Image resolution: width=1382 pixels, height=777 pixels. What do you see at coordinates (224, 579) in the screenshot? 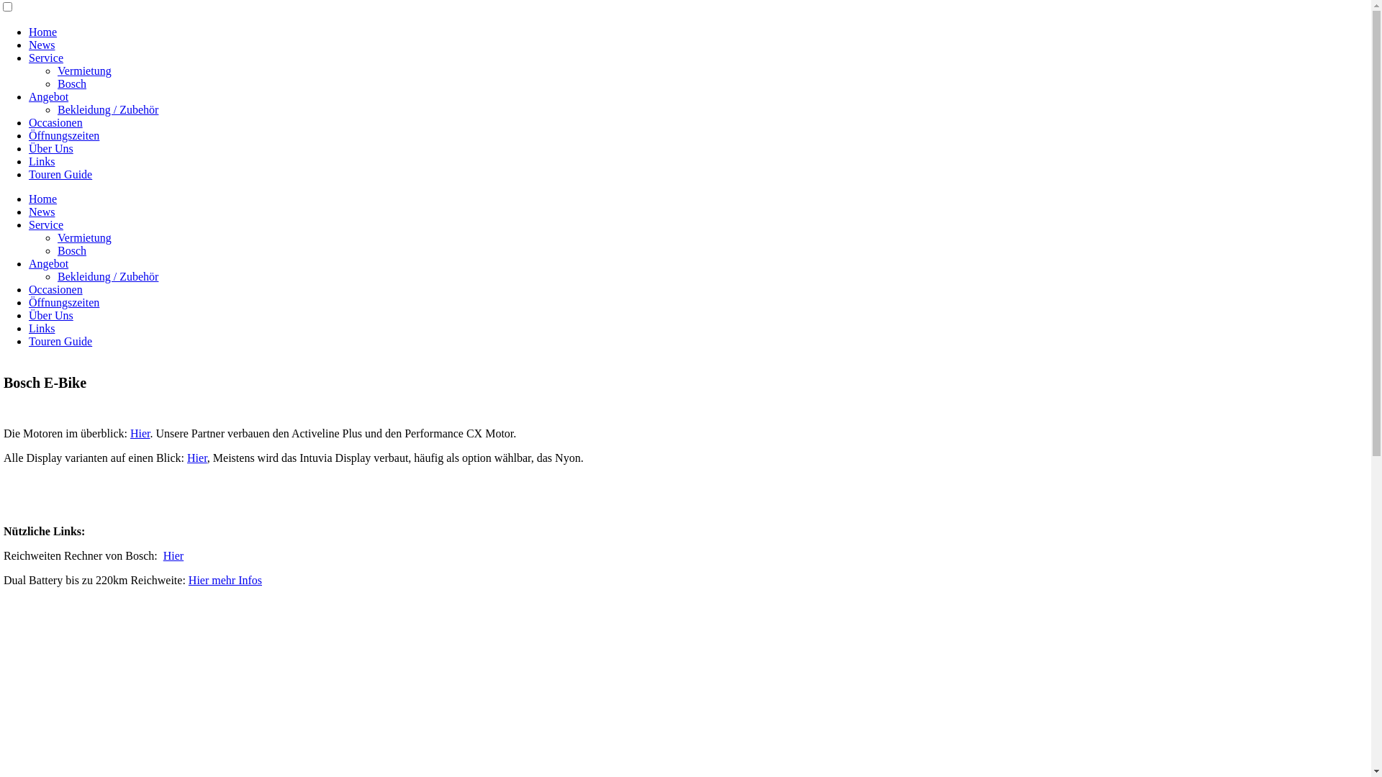
I see `'Hier mehr Infos'` at bounding box center [224, 579].